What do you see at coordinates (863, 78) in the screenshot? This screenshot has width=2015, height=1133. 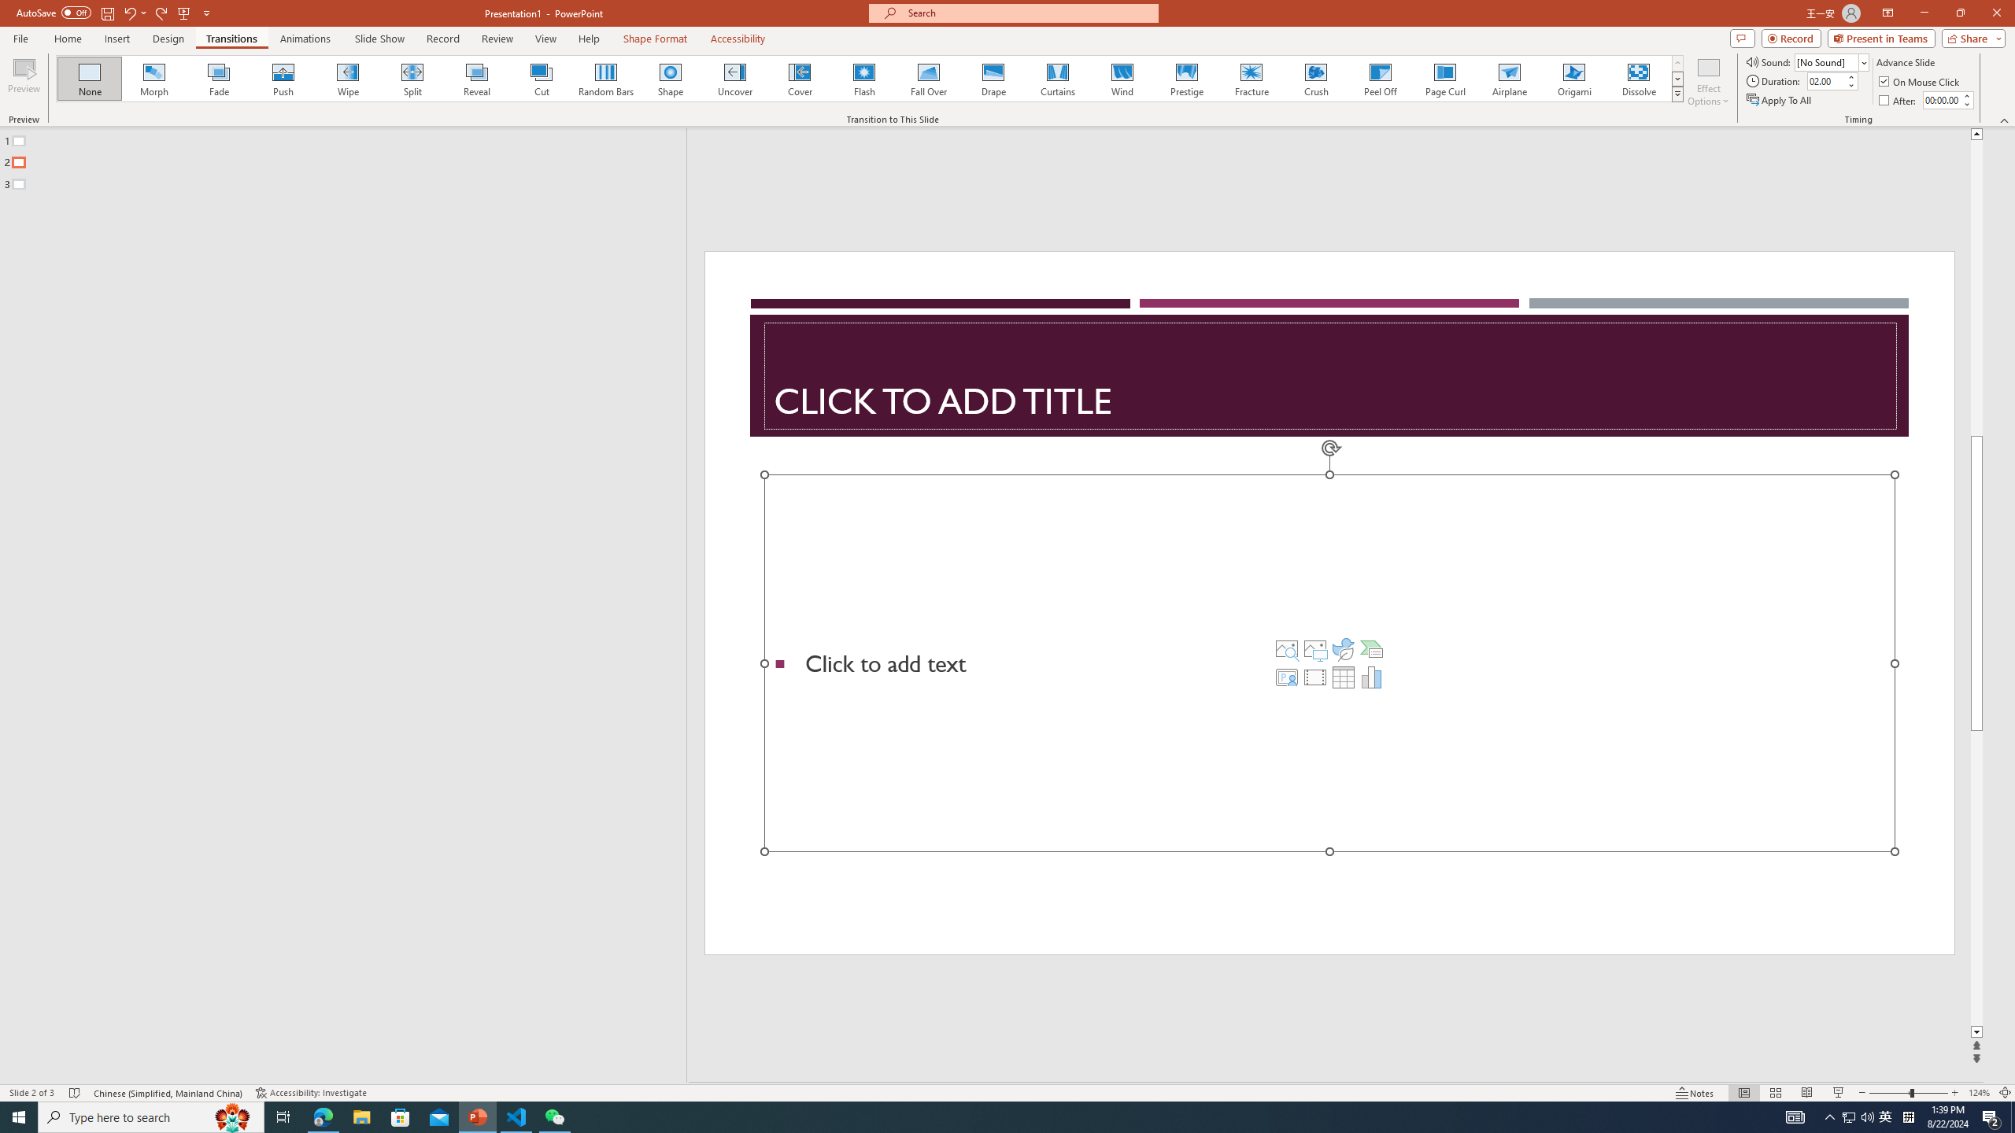 I see `'Flash'` at bounding box center [863, 78].